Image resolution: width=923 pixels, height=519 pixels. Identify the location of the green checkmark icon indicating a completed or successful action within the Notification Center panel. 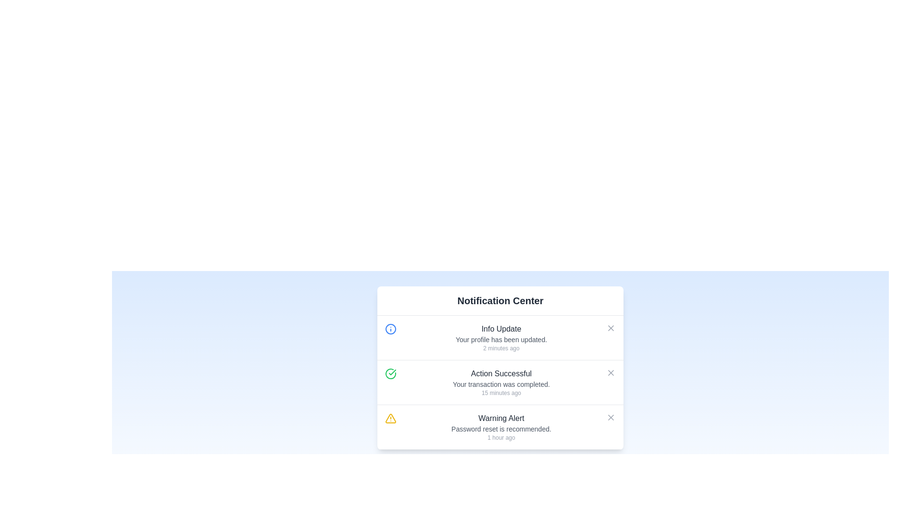
(392, 372).